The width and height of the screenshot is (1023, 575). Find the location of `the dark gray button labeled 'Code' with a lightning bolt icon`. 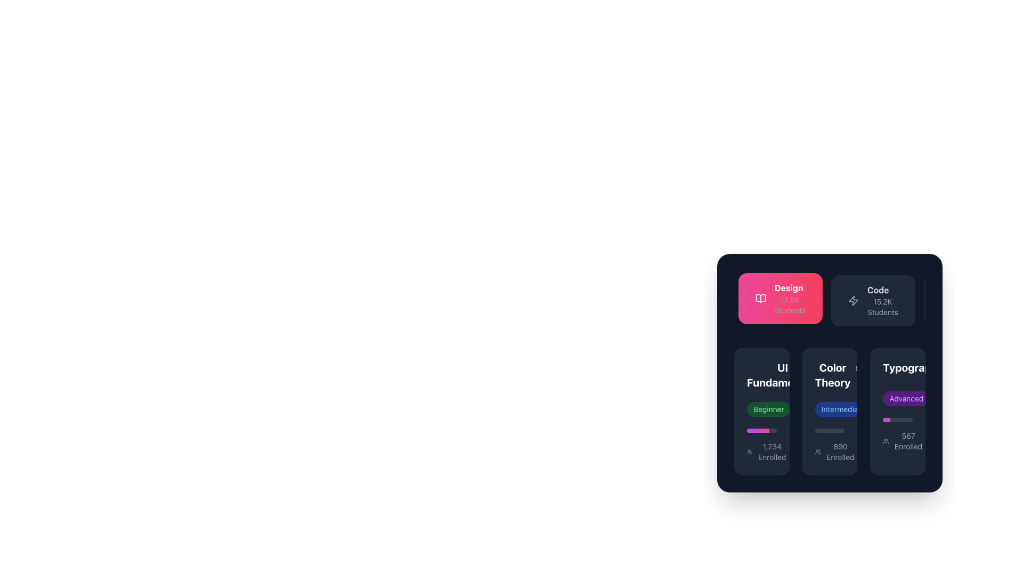

the dark gray button labeled 'Code' with a lightning bolt icon is located at coordinates (873, 300).